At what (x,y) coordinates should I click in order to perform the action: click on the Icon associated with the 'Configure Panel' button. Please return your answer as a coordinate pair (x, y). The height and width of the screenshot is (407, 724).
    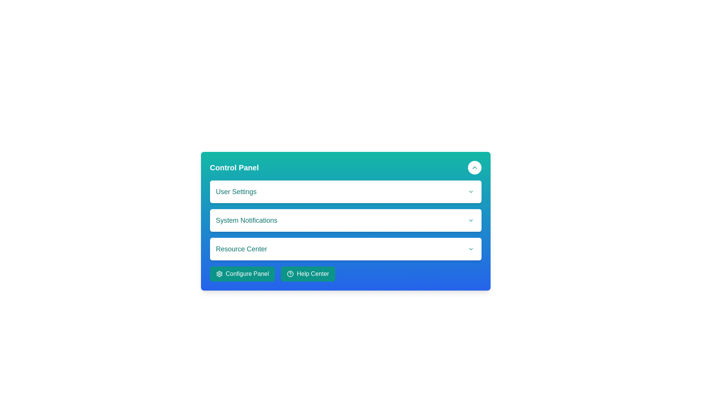
    Looking at the image, I should click on (219, 274).